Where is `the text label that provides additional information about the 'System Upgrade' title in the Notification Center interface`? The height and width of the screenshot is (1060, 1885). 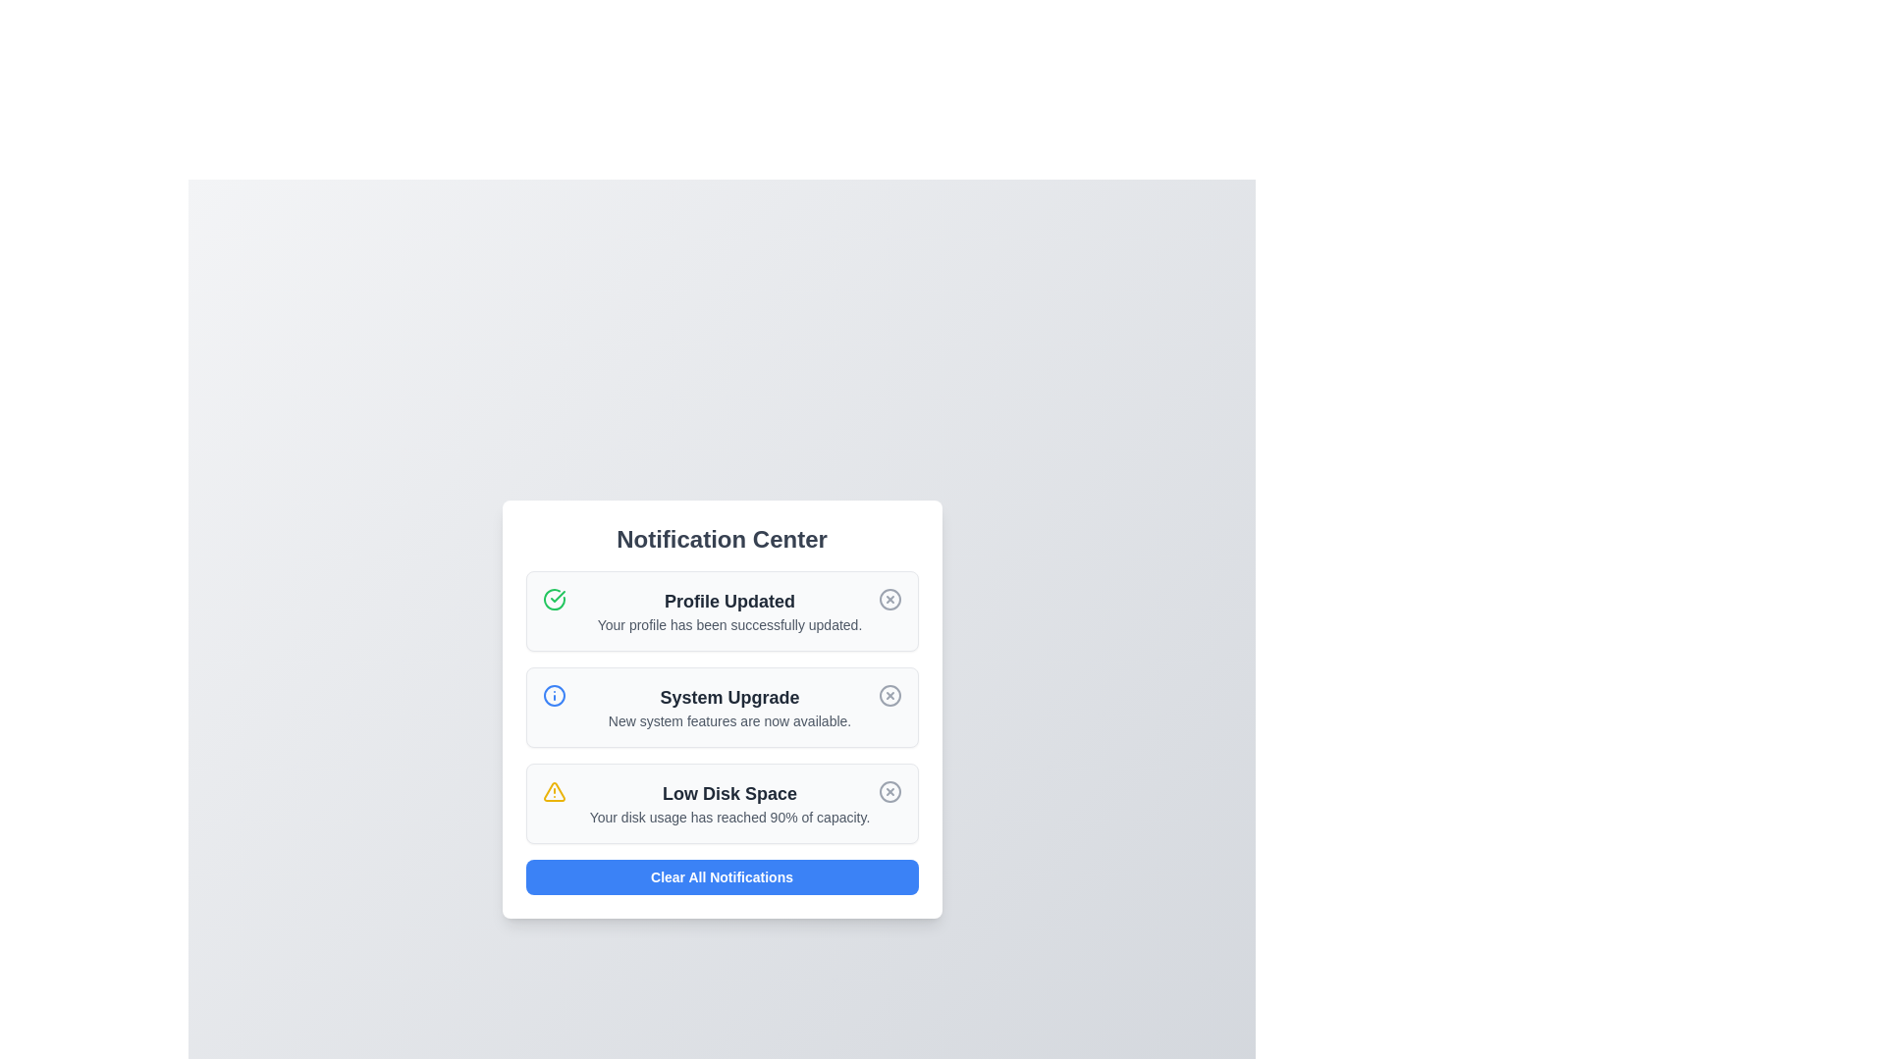
the text label that provides additional information about the 'System Upgrade' title in the Notification Center interface is located at coordinates (728, 721).